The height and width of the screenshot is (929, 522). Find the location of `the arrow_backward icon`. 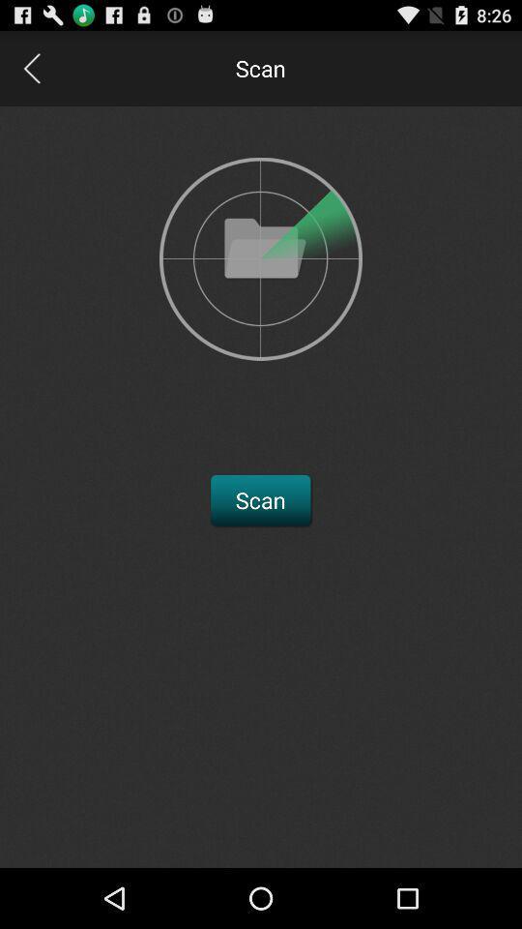

the arrow_backward icon is located at coordinates (30, 73).